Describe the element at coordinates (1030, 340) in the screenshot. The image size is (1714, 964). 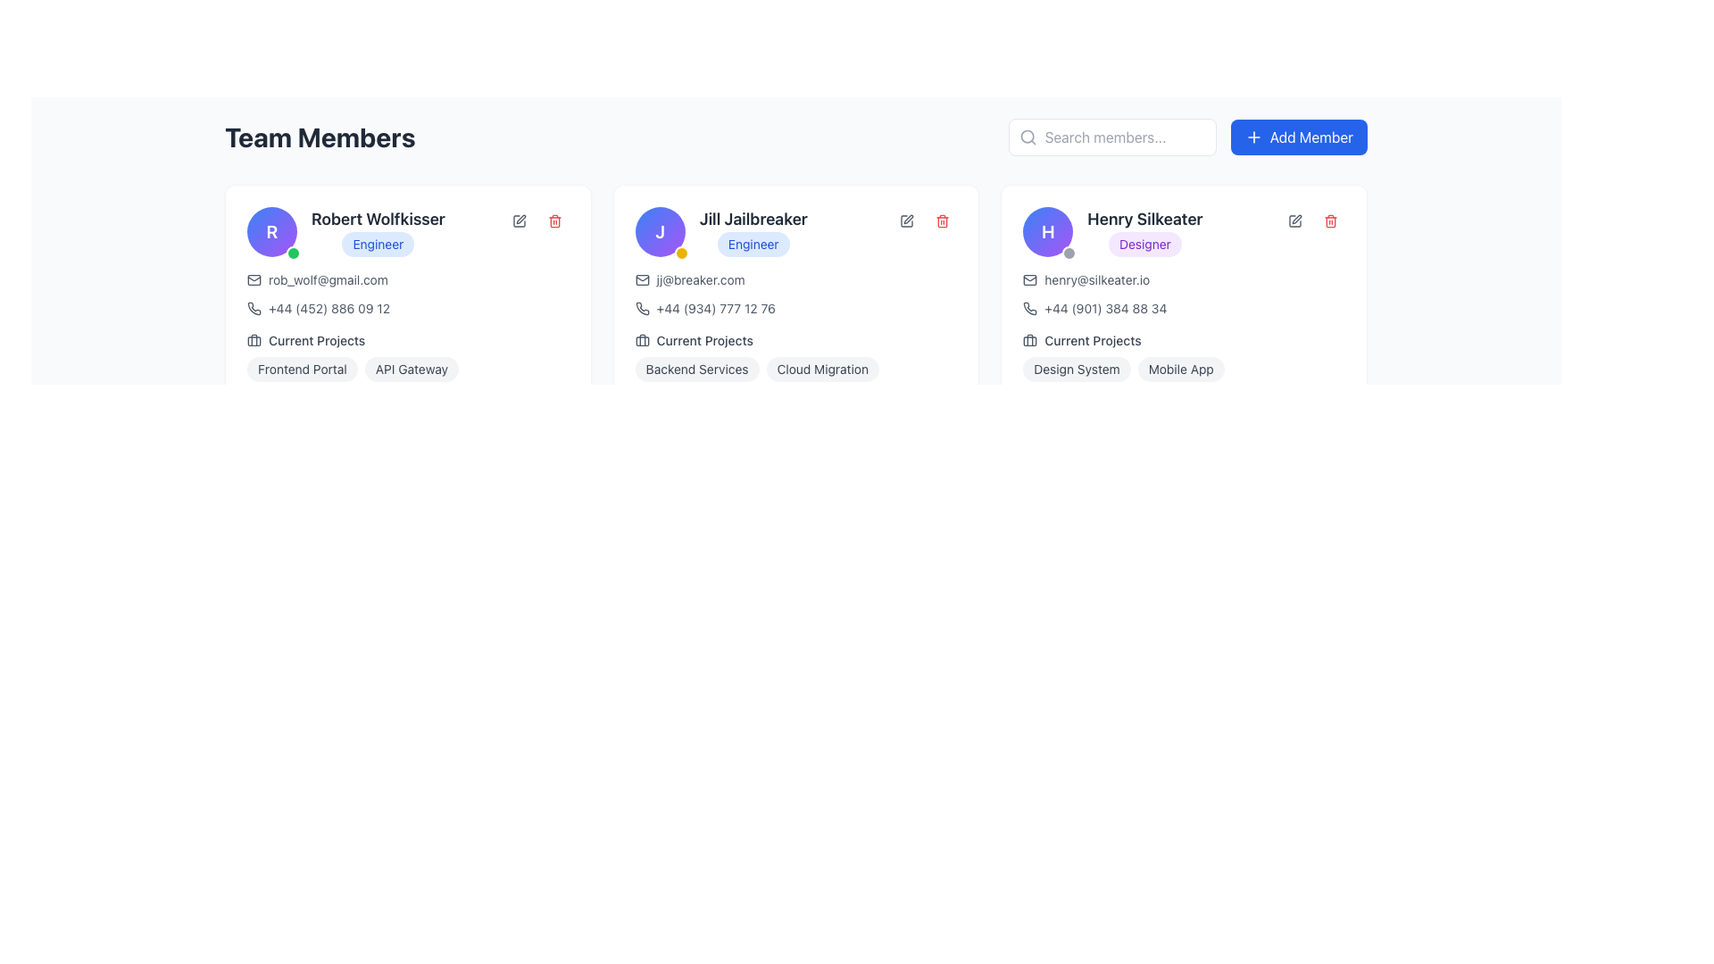
I see `the briefcase icon located next to the 'Current Projects' label in the user profile card` at that location.